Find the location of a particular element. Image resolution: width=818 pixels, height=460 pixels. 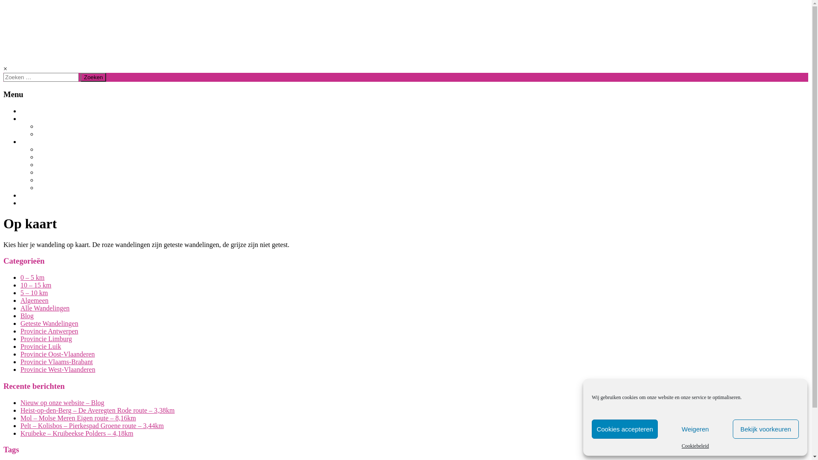

'Provincie Oost-Vlaanderen' is located at coordinates (57, 354).